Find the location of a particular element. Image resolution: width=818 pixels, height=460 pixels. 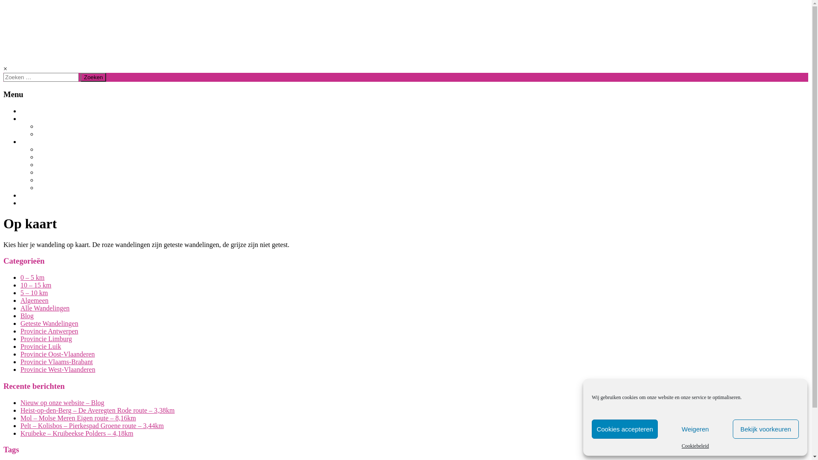

'Provincie Oost-Vlaanderen' is located at coordinates (57, 354).